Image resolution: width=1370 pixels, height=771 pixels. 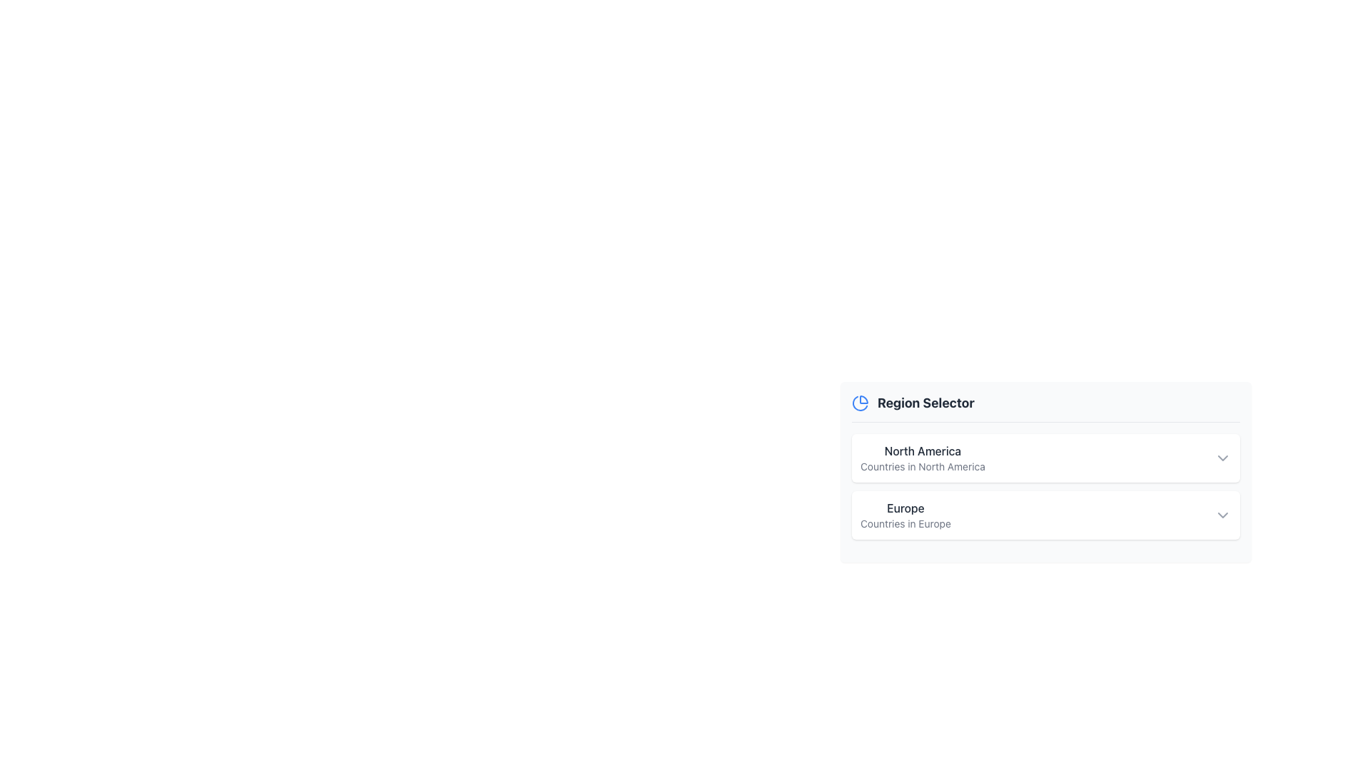 I want to click on the non-interactive text label indicating 'North America' in the 'Region Selector' module, so click(x=923, y=451).